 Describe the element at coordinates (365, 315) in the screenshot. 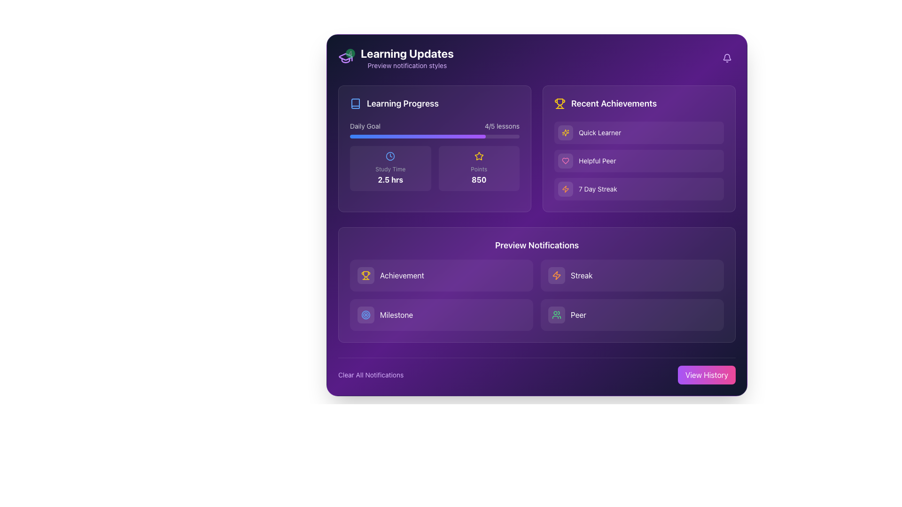

I see `the outer circular graphical component of the target-like icon located below the 'Preview Notifications' section` at that location.